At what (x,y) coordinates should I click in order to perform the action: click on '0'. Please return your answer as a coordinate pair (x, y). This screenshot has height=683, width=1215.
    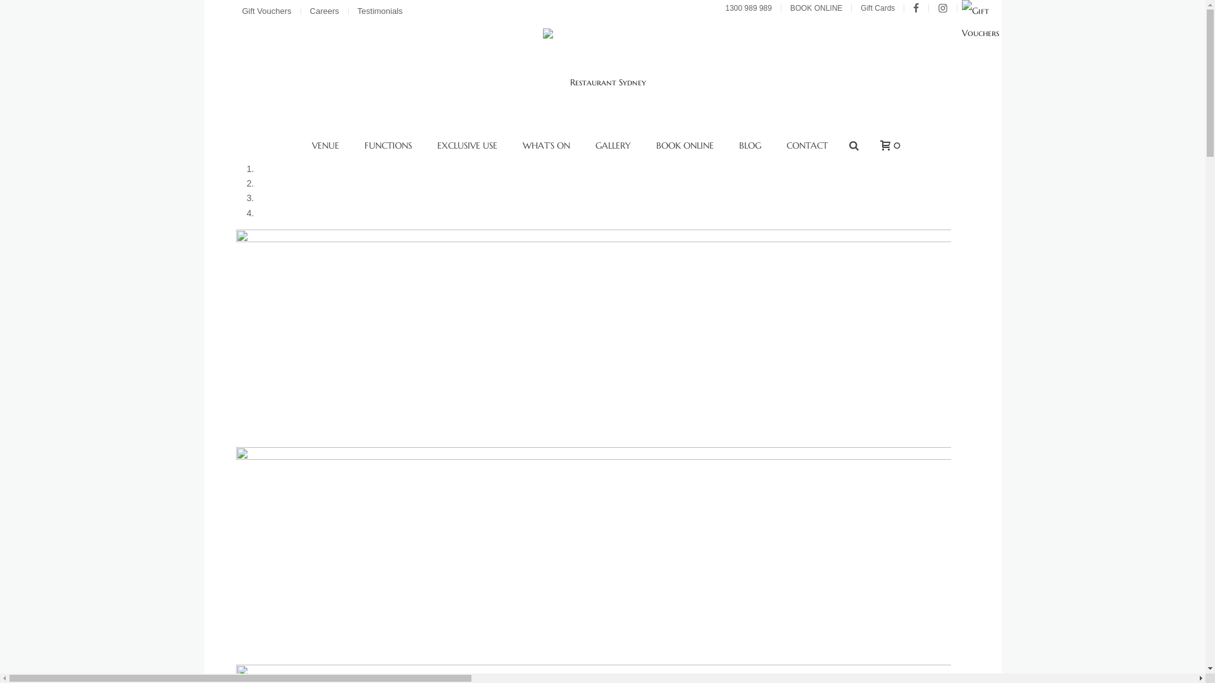
    Looking at the image, I should click on (886, 145).